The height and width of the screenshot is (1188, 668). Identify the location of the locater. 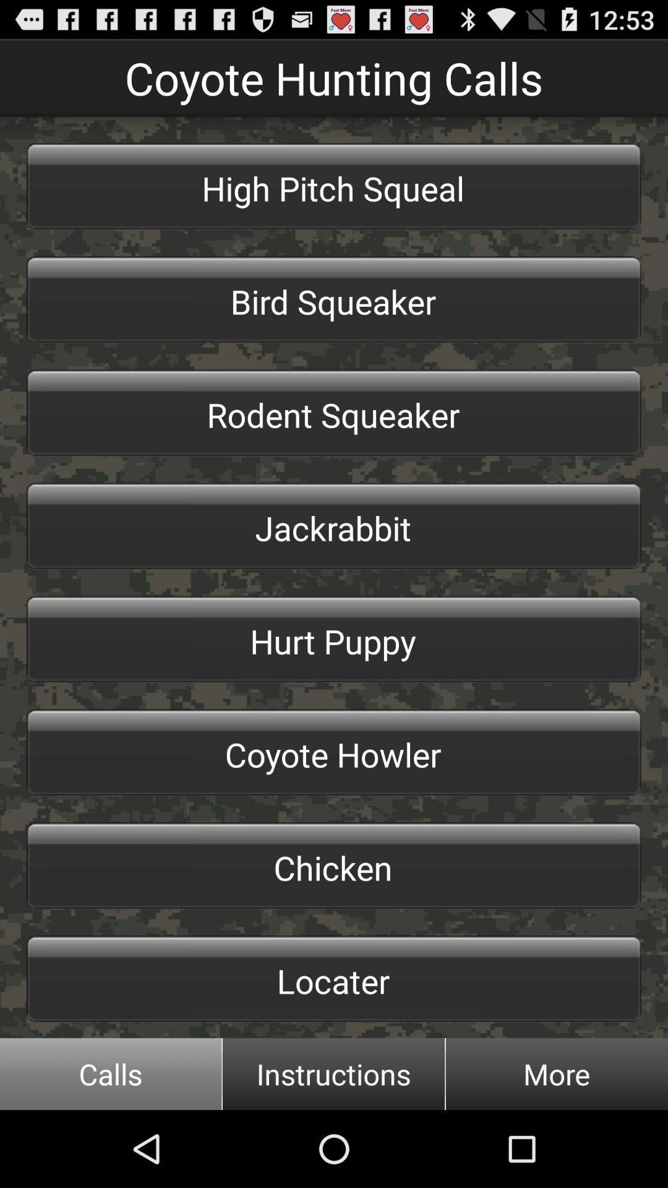
(334, 978).